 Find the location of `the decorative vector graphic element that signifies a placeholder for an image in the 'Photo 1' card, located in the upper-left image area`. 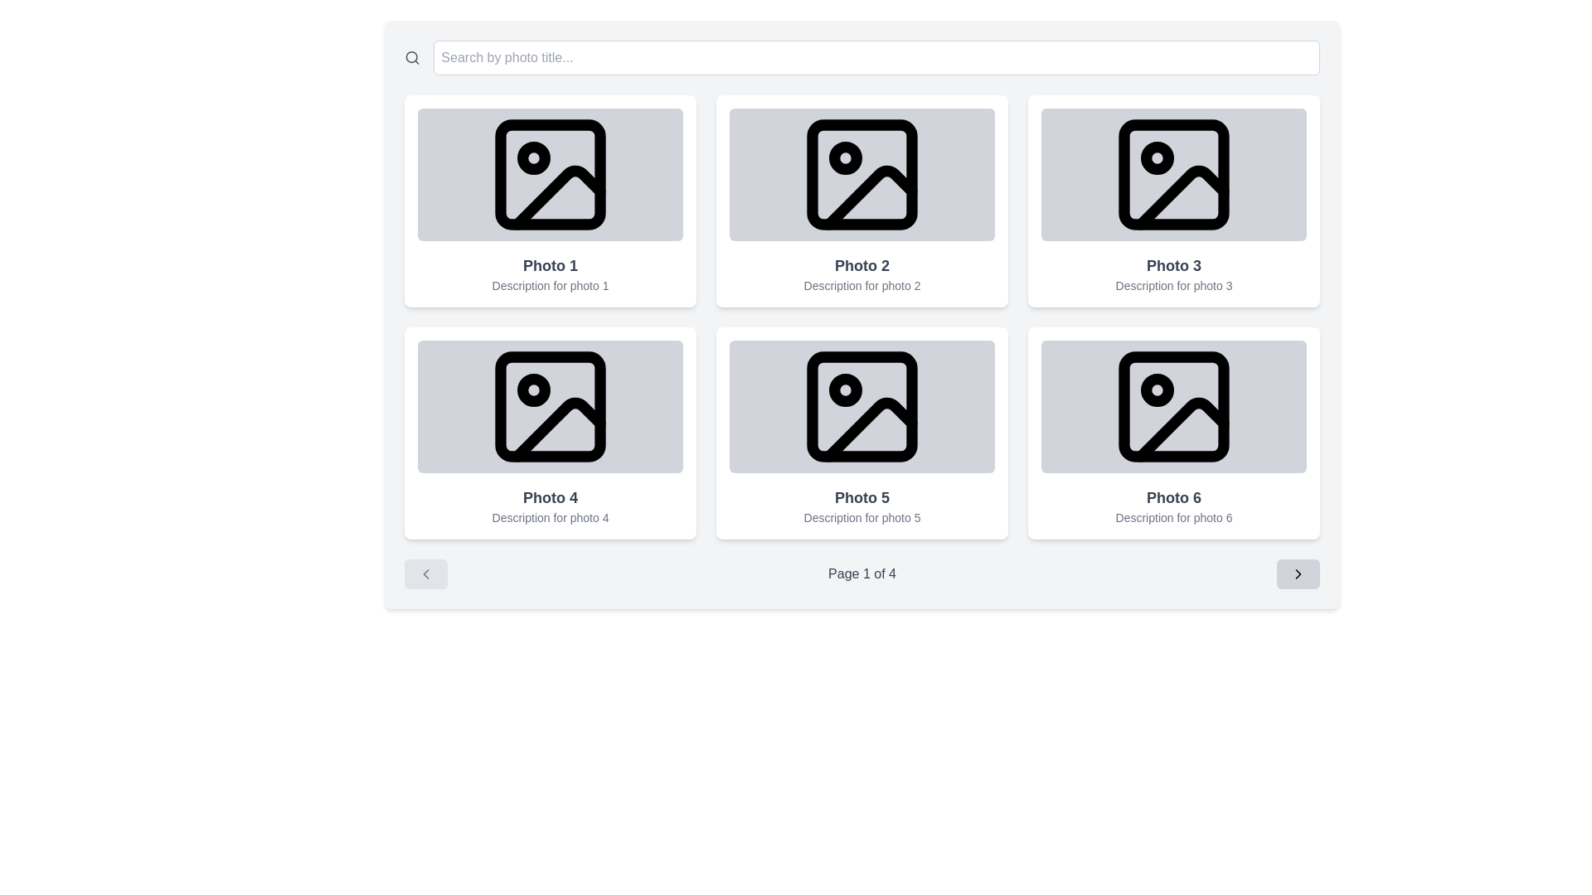

the decorative vector graphic element that signifies a placeholder for an image in the 'Photo 1' card, located in the upper-left image area is located at coordinates (558, 196).